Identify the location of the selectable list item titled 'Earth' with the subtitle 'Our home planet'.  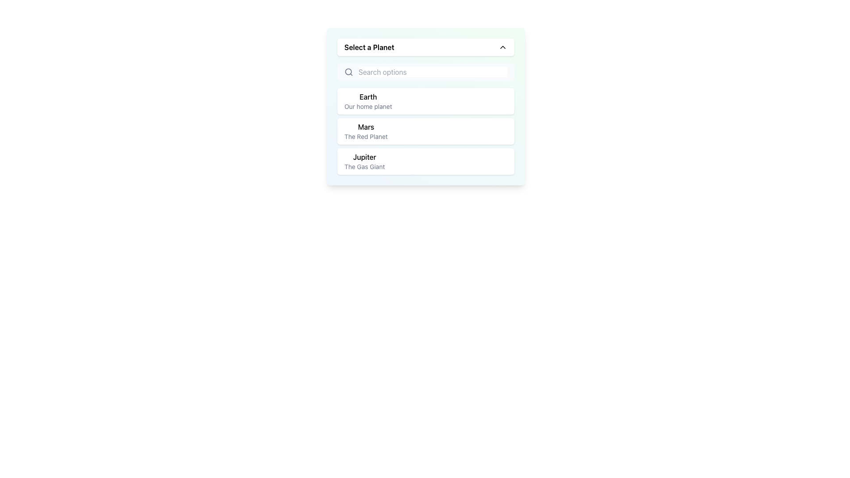
(425, 100).